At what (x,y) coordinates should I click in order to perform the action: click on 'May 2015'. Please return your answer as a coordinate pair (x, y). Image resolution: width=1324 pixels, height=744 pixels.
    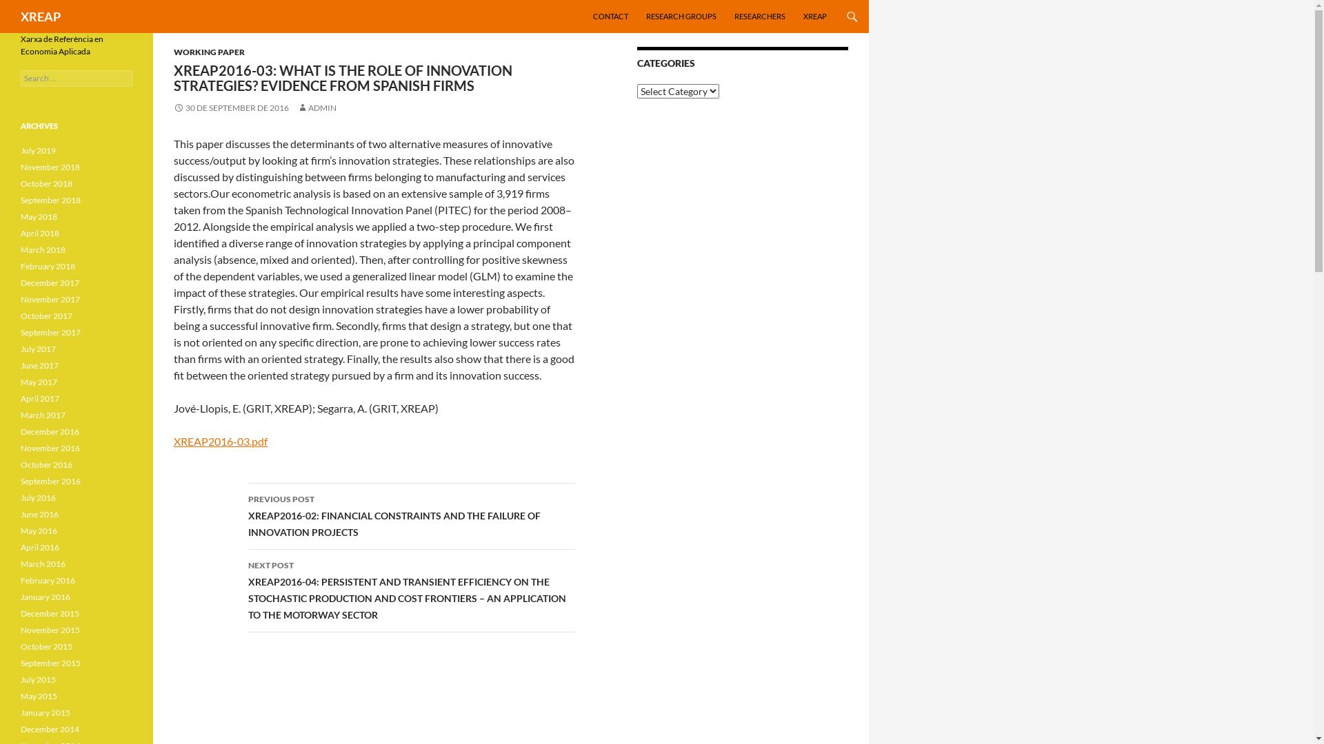
    Looking at the image, I should click on (39, 696).